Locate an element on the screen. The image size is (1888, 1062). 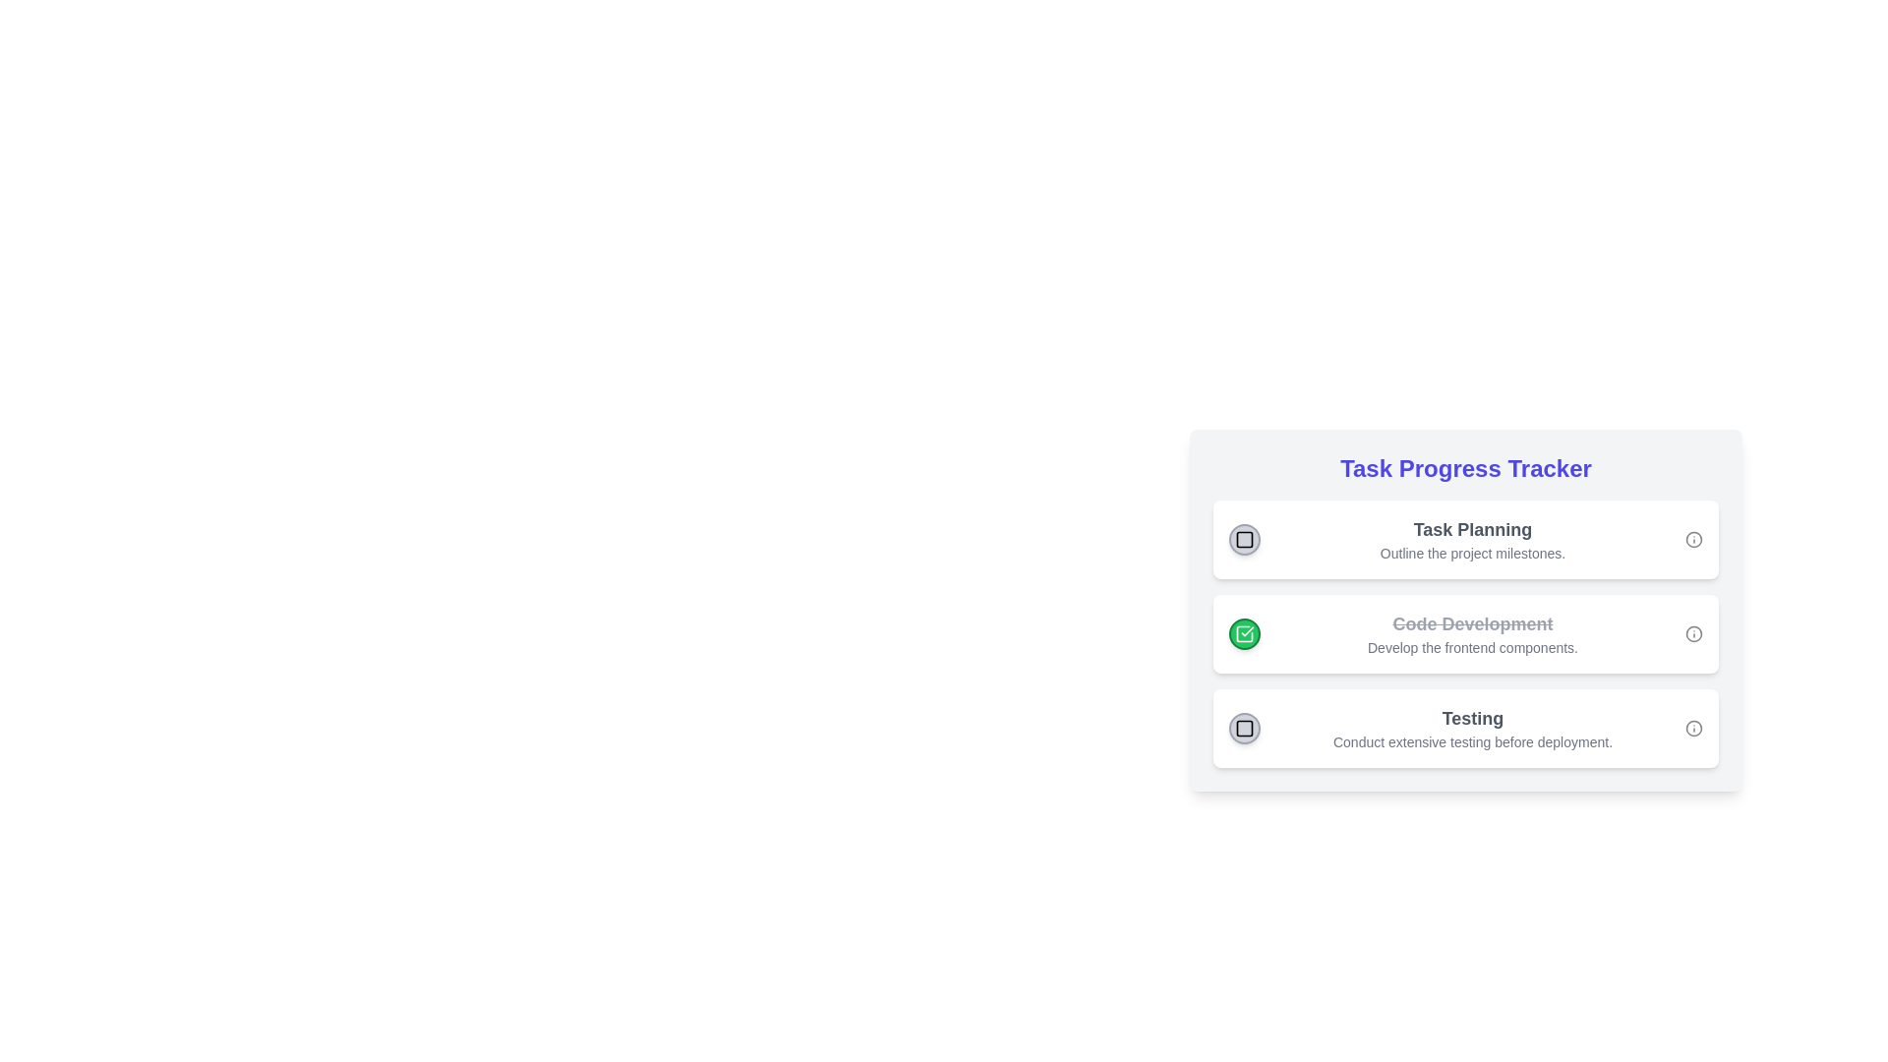
the text label displaying 'Develop the frontend components.' which is styled in small, light gray font and located below the title 'Code Development.' is located at coordinates (1472, 648).